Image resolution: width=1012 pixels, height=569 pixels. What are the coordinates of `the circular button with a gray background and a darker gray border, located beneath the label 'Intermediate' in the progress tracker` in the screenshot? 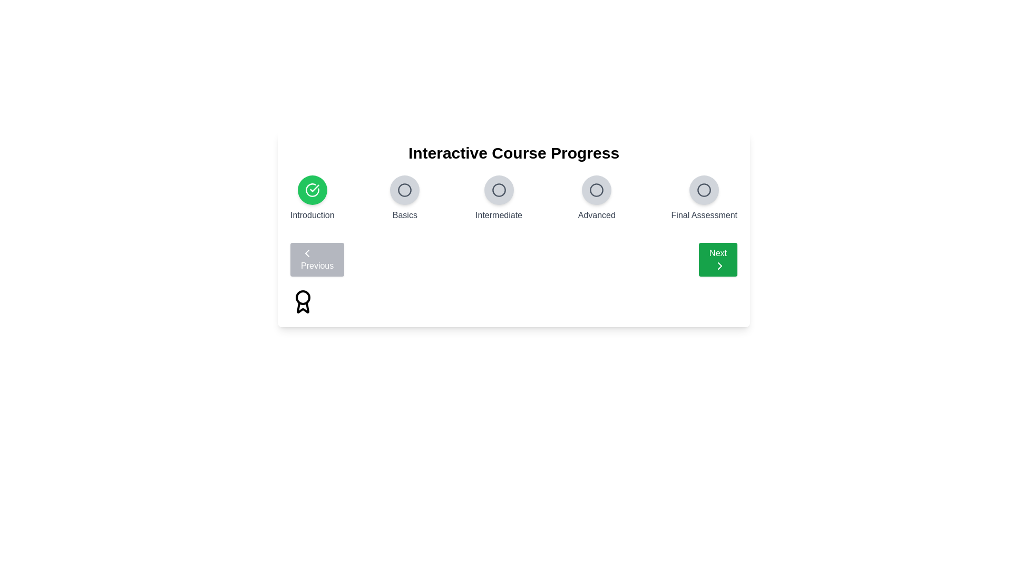 It's located at (498, 190).